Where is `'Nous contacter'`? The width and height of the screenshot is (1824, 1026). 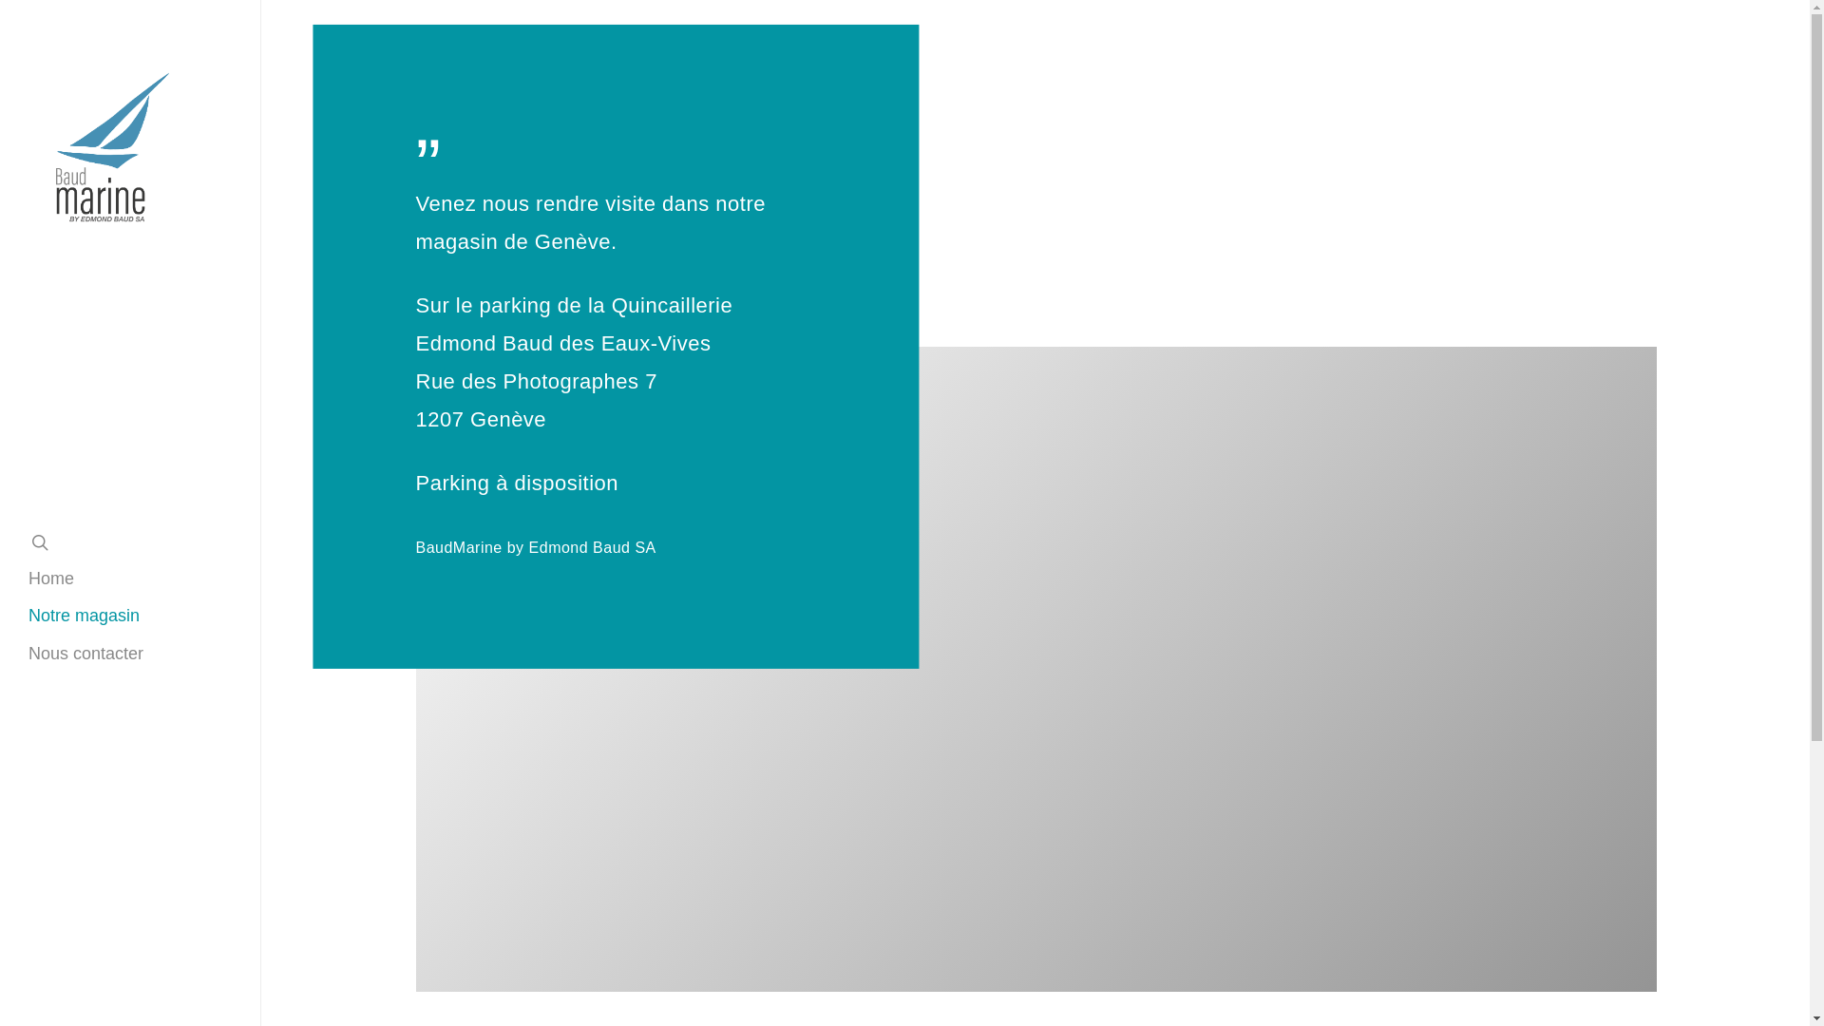 'Nous contacter' is located at coordinates (85, 653).